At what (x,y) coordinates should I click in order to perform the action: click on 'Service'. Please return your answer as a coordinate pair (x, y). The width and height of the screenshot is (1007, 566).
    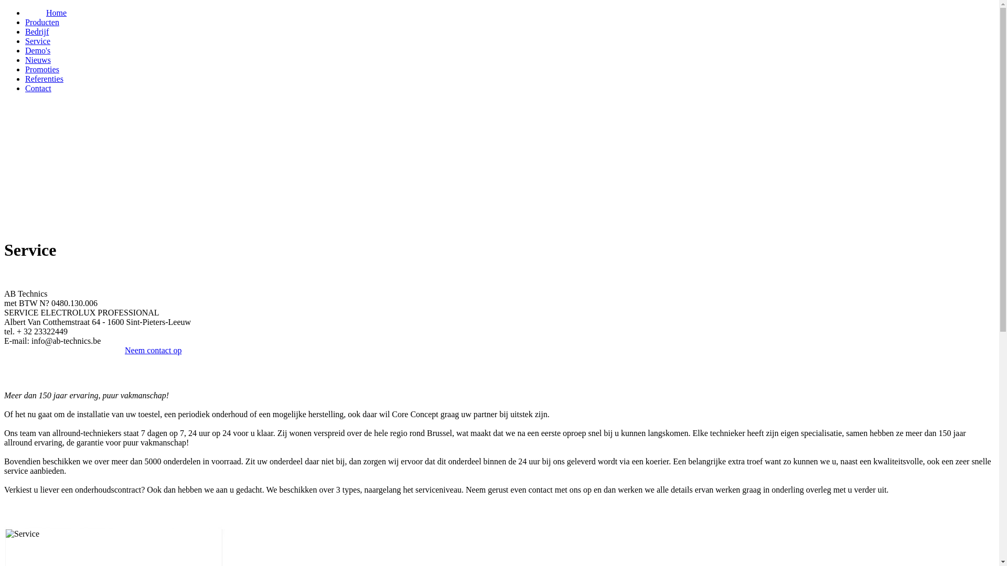
    Looking at the image, I should click on (38, 40).